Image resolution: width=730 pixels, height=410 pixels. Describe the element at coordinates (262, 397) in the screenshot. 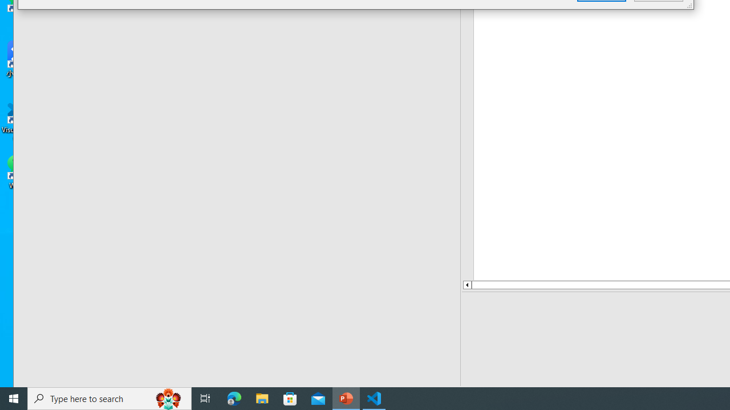

I see `'File Explorer'` at that location.